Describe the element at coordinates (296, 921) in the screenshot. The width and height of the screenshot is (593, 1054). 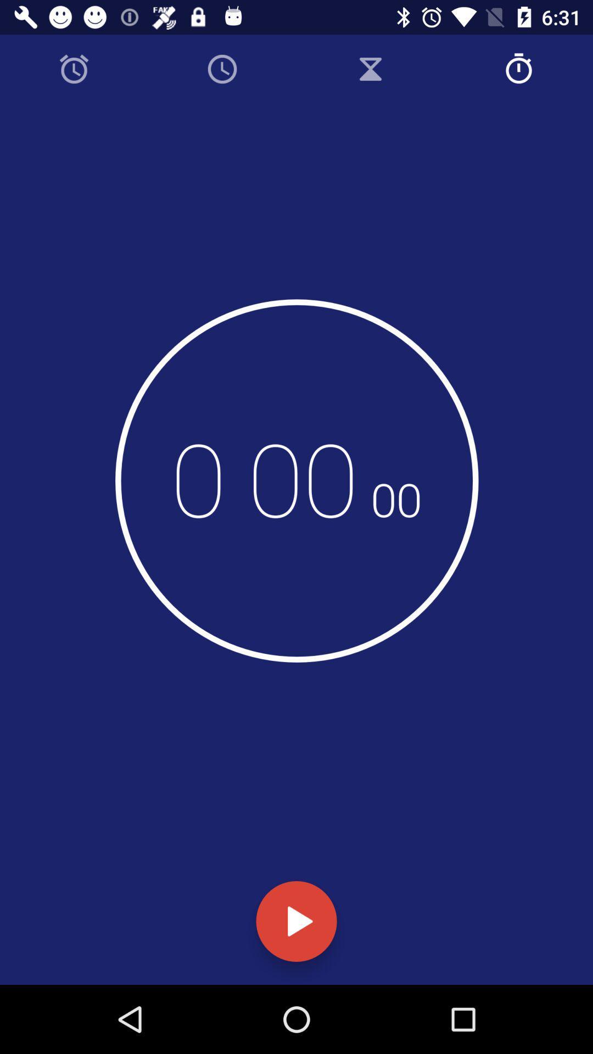
I see `the play icon` at that location.